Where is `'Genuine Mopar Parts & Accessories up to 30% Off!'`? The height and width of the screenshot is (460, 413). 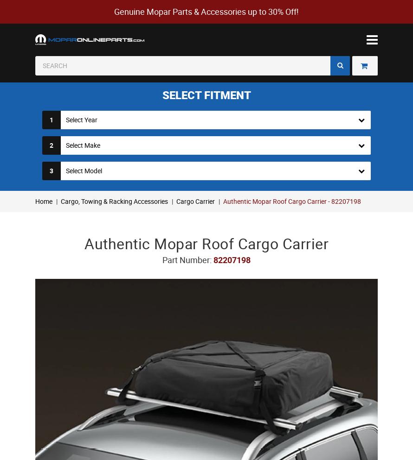
'Genuine Mopar Parts & Accessories up to 30% Off!' is located at coordinates (206, 11).